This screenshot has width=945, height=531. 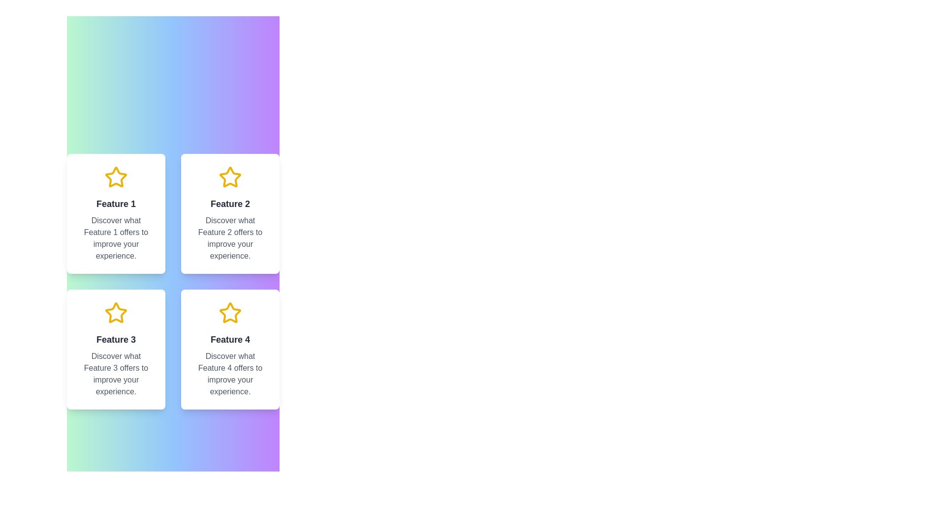 What do you see at coordinates (229, 374) in the screenshot?
I see `explanatory text block providing details about 'Feature 4', positioned at the bottom of the content layout` at bounding box center [229, 374].